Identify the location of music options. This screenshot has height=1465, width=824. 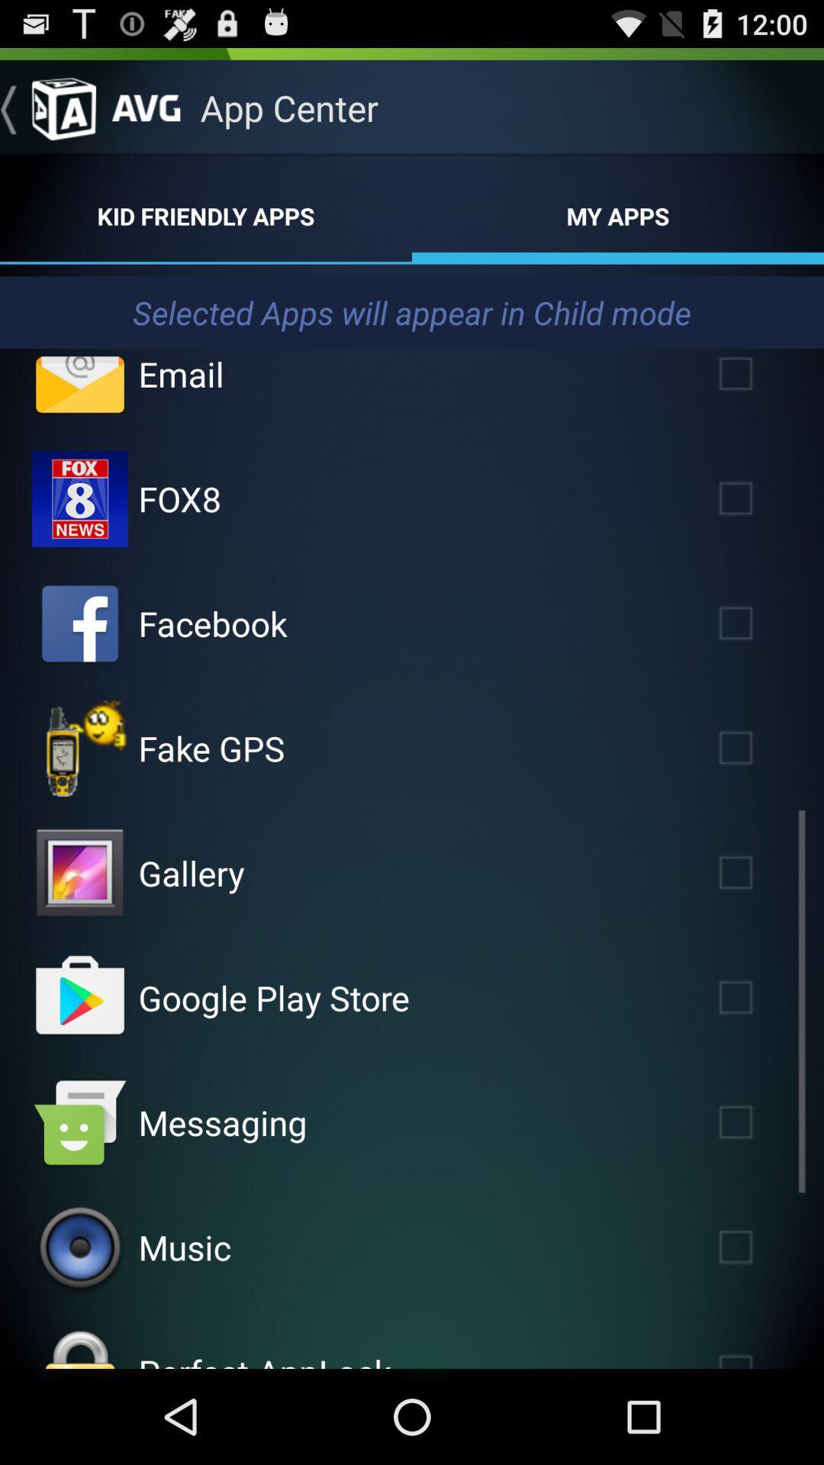
(79, 1248).